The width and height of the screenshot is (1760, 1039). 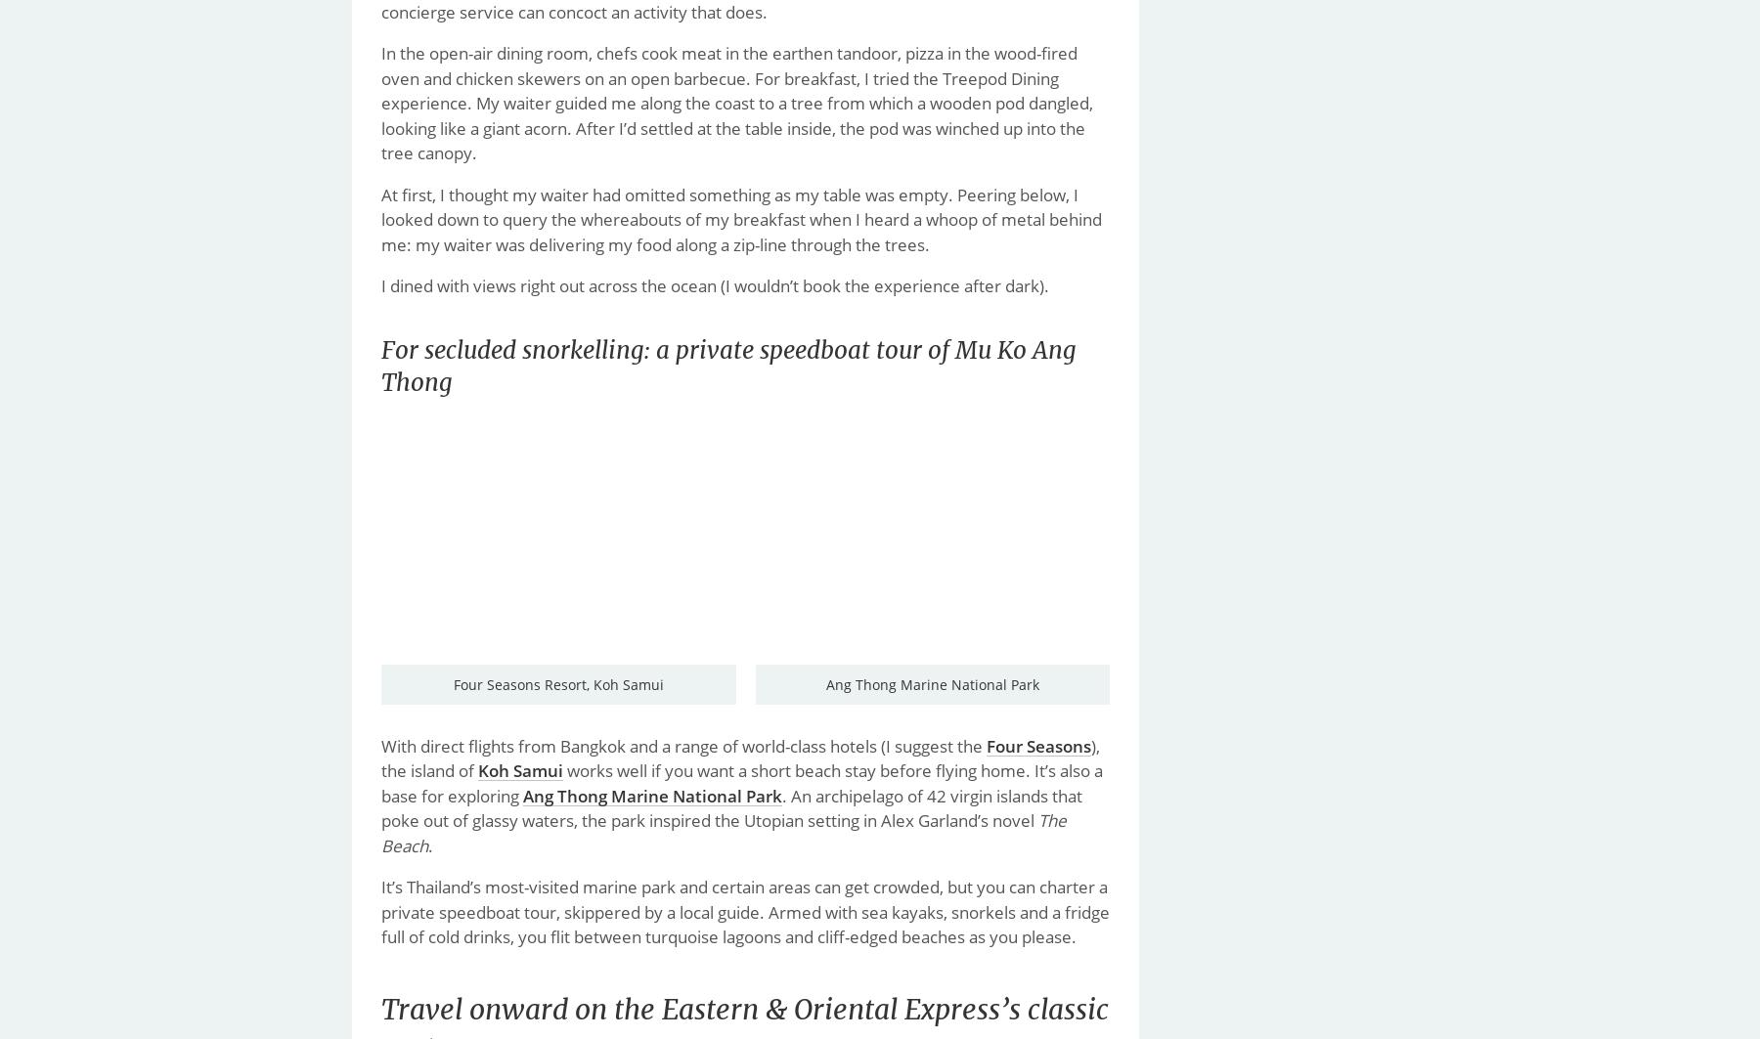 I want to click on 'It’s Thailand’s most-visited marine park and certain areas can get crowded, but you can charter a private speedboat tour, skippered by a local guide. Armed with sea kayaks, snorkels and a fridge full of cold drinks, you flit between turquoise lagoons and cliff-edged beaches as you please.', so click(x=744, y=910).